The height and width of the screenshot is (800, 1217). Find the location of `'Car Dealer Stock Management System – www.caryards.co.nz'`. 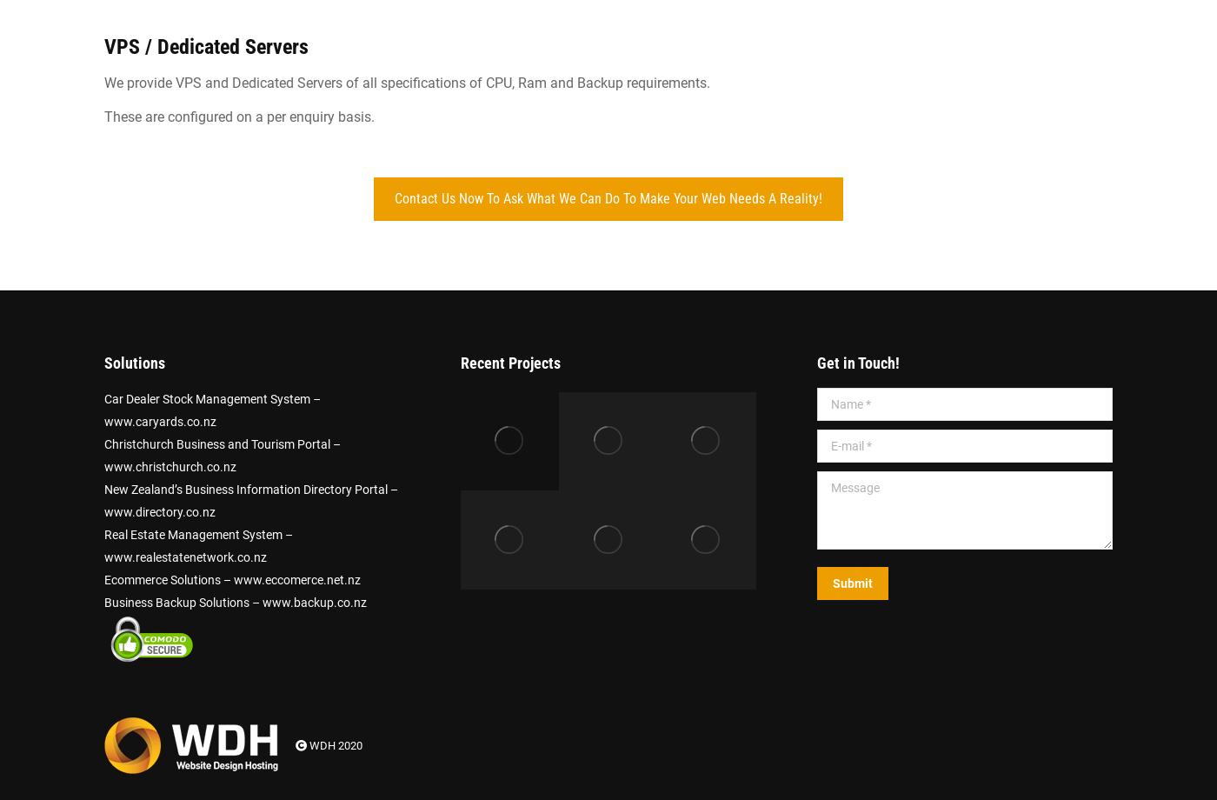

'Car Dealer Stock Management System – www.caryards.co.nz' is located at coordinates (212, 410).